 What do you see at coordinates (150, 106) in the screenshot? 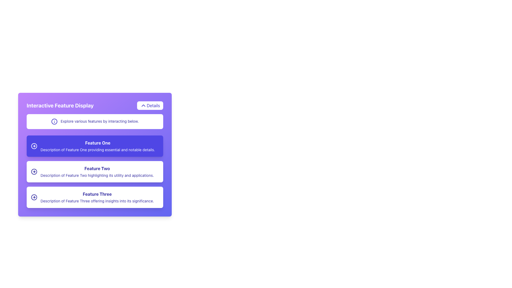
I see `the button labeled 'Details' with an upward-pointing chevron icon` at bounding box center [150, 106].